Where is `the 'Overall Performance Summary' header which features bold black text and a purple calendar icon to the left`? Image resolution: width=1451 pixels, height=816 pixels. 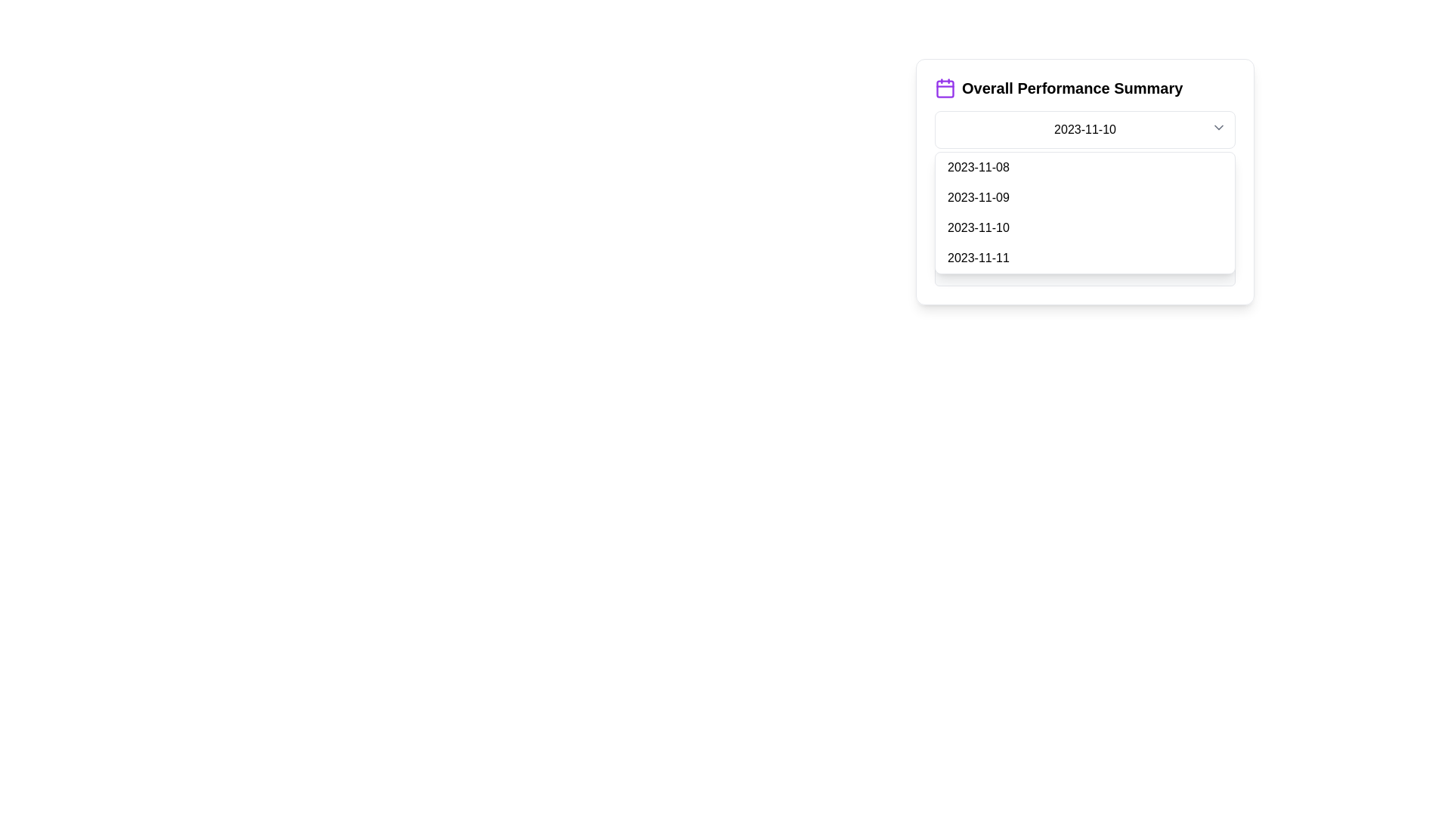
the 'Overall Performance Summary' header which features bold black text and a purple calendar icon to the left is located at coordinates (1084, 88).